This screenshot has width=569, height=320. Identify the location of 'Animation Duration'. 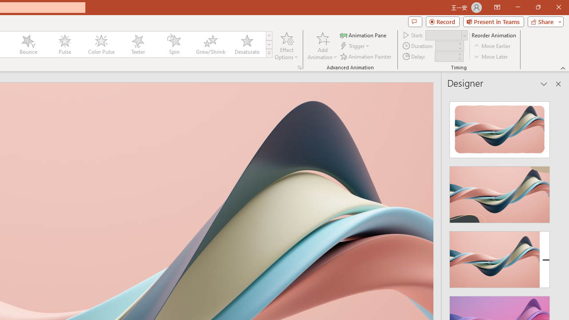
(446, 46).